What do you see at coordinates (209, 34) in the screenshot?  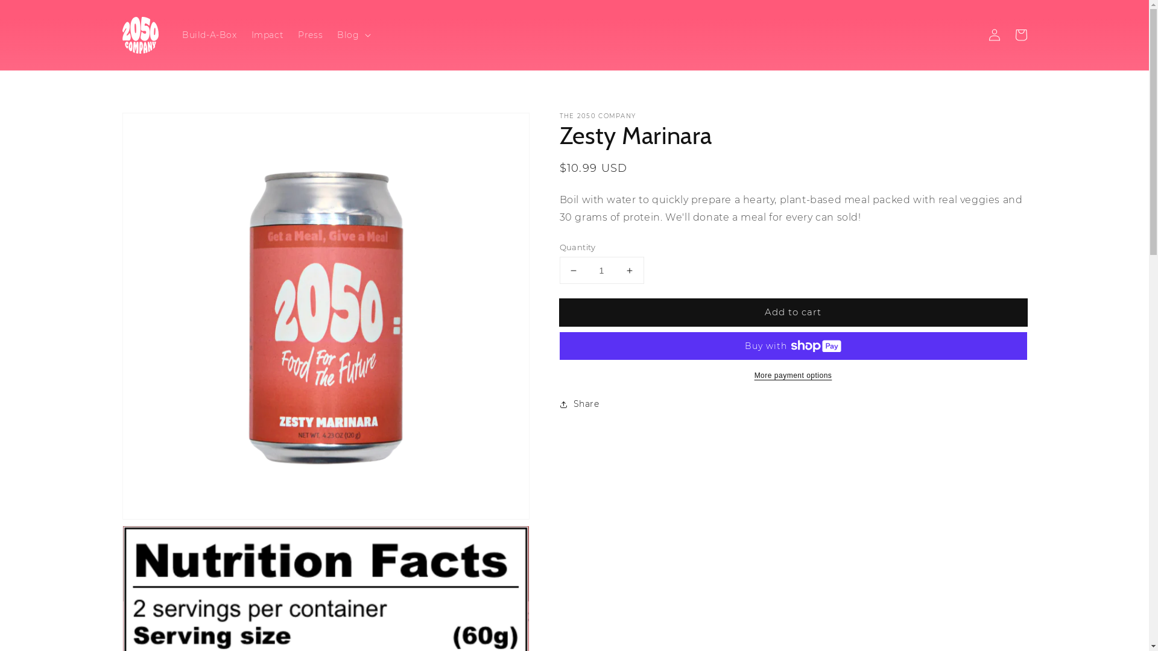 I see `'Build-A-Box'` at bounding box center [209, 34].